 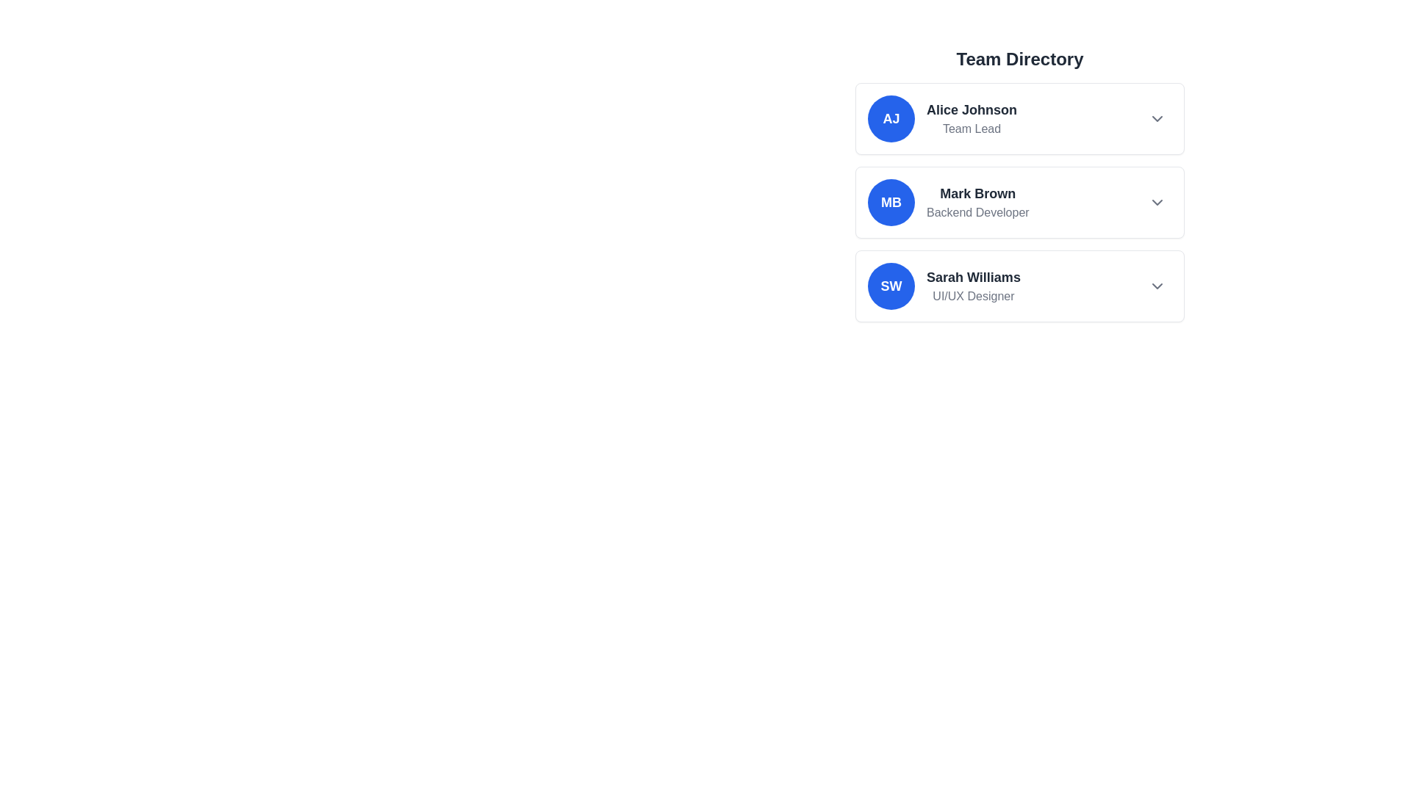 I want to click on the Profile identifier badge for 'Mark Brown, Backend Developer' located in the 'Team Directory' section, which is the leftmost component of its horizontal group, so click(x=891, y=203).